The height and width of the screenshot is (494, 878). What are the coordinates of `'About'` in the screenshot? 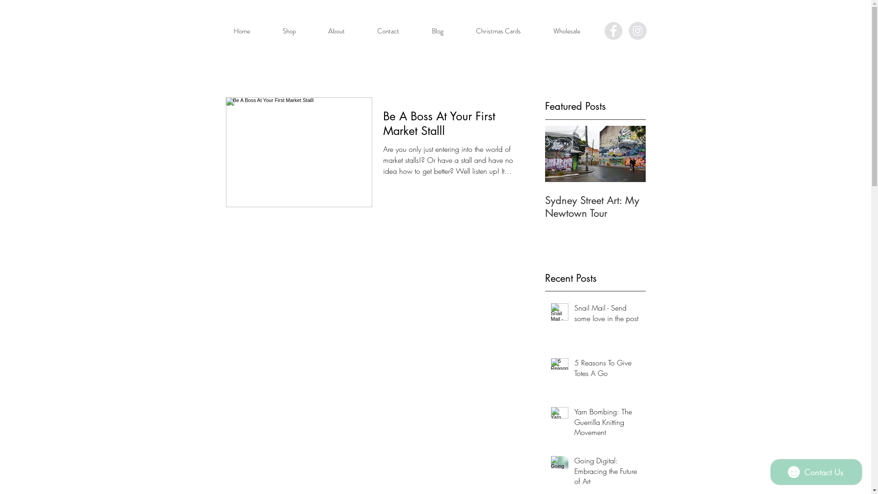 It's located at (336, 31).